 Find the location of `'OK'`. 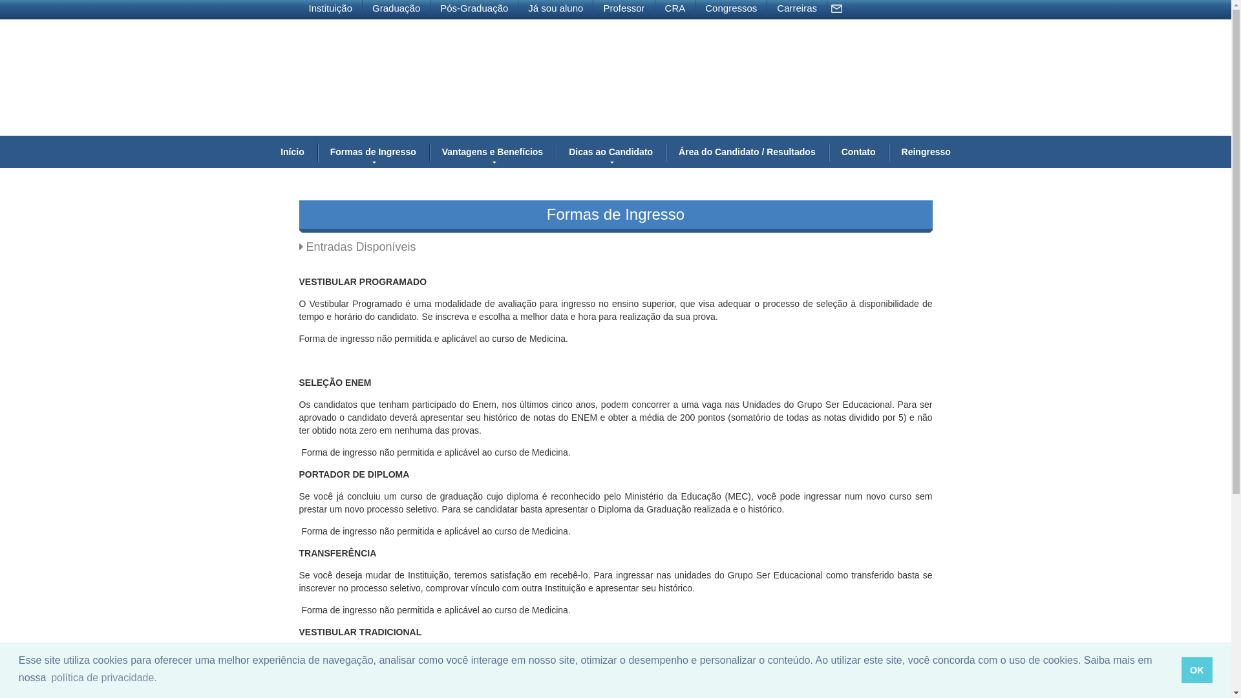

'OK' is located at coordinates (1182, 670).